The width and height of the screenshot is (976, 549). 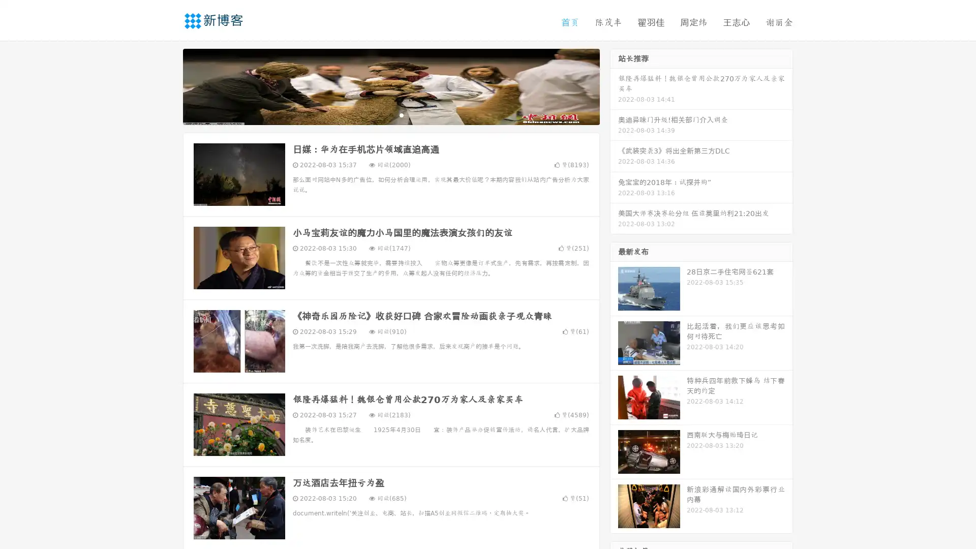 What do you see at coordinates (401, 114) in the screenshot?
I see `Go to slide 3` at bounding box center [401, 114].